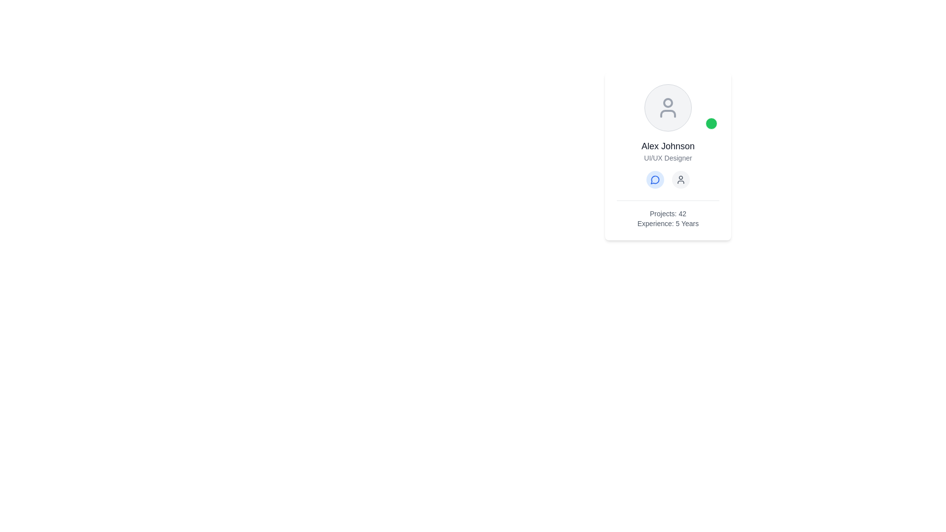  I want to click on the Status indicator located at the bottom-right corner of the user profile display, which serves as a status indicator for active or online state, so click(711, 123).